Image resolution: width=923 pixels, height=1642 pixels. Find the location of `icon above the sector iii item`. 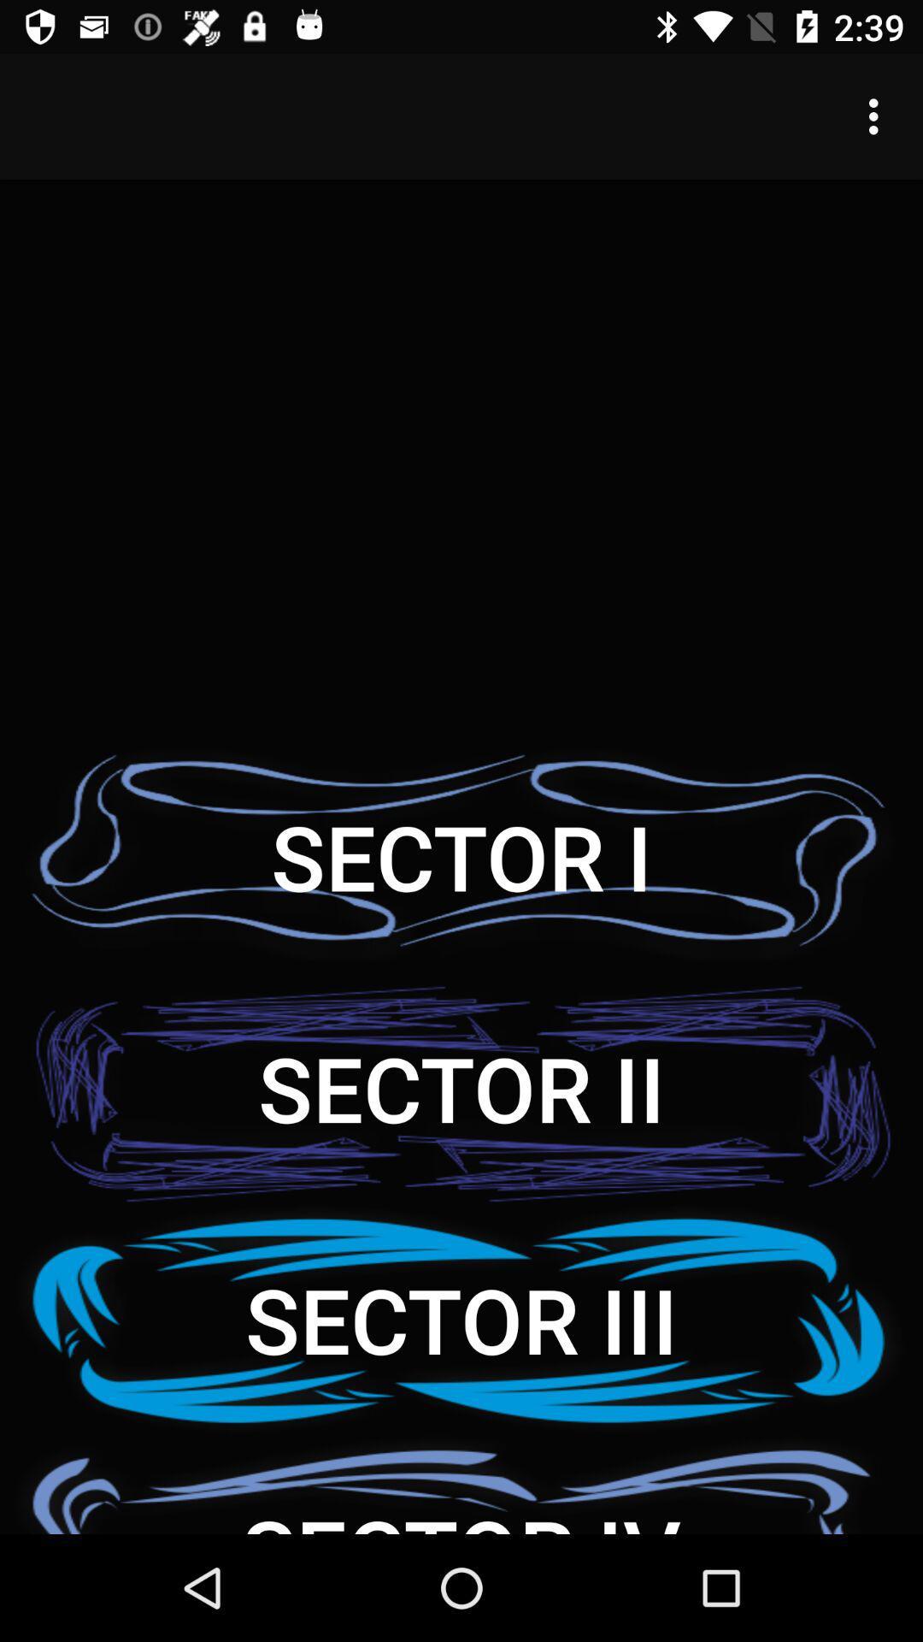

icon above the sector iii item is located at coordinates (461, 1087).